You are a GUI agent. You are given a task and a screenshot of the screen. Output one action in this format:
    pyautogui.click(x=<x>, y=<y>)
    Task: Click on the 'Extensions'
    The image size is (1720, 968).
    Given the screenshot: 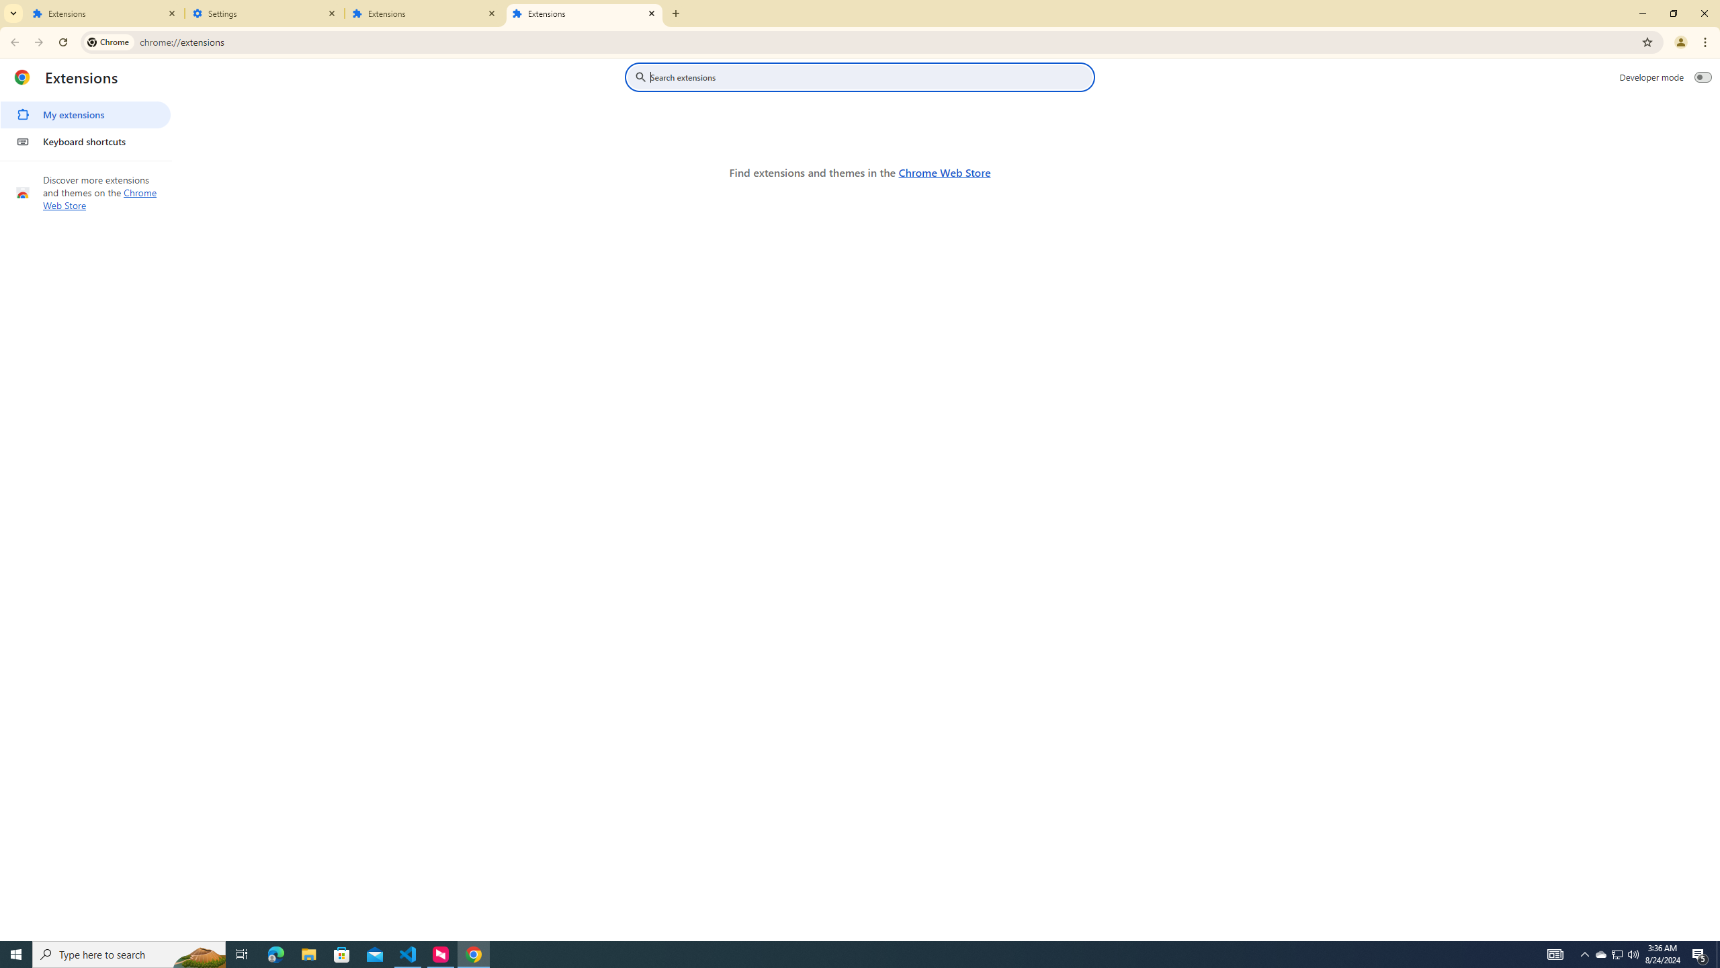 What is the action you would take?
    pyautogui.click(x=584, y=13)
    